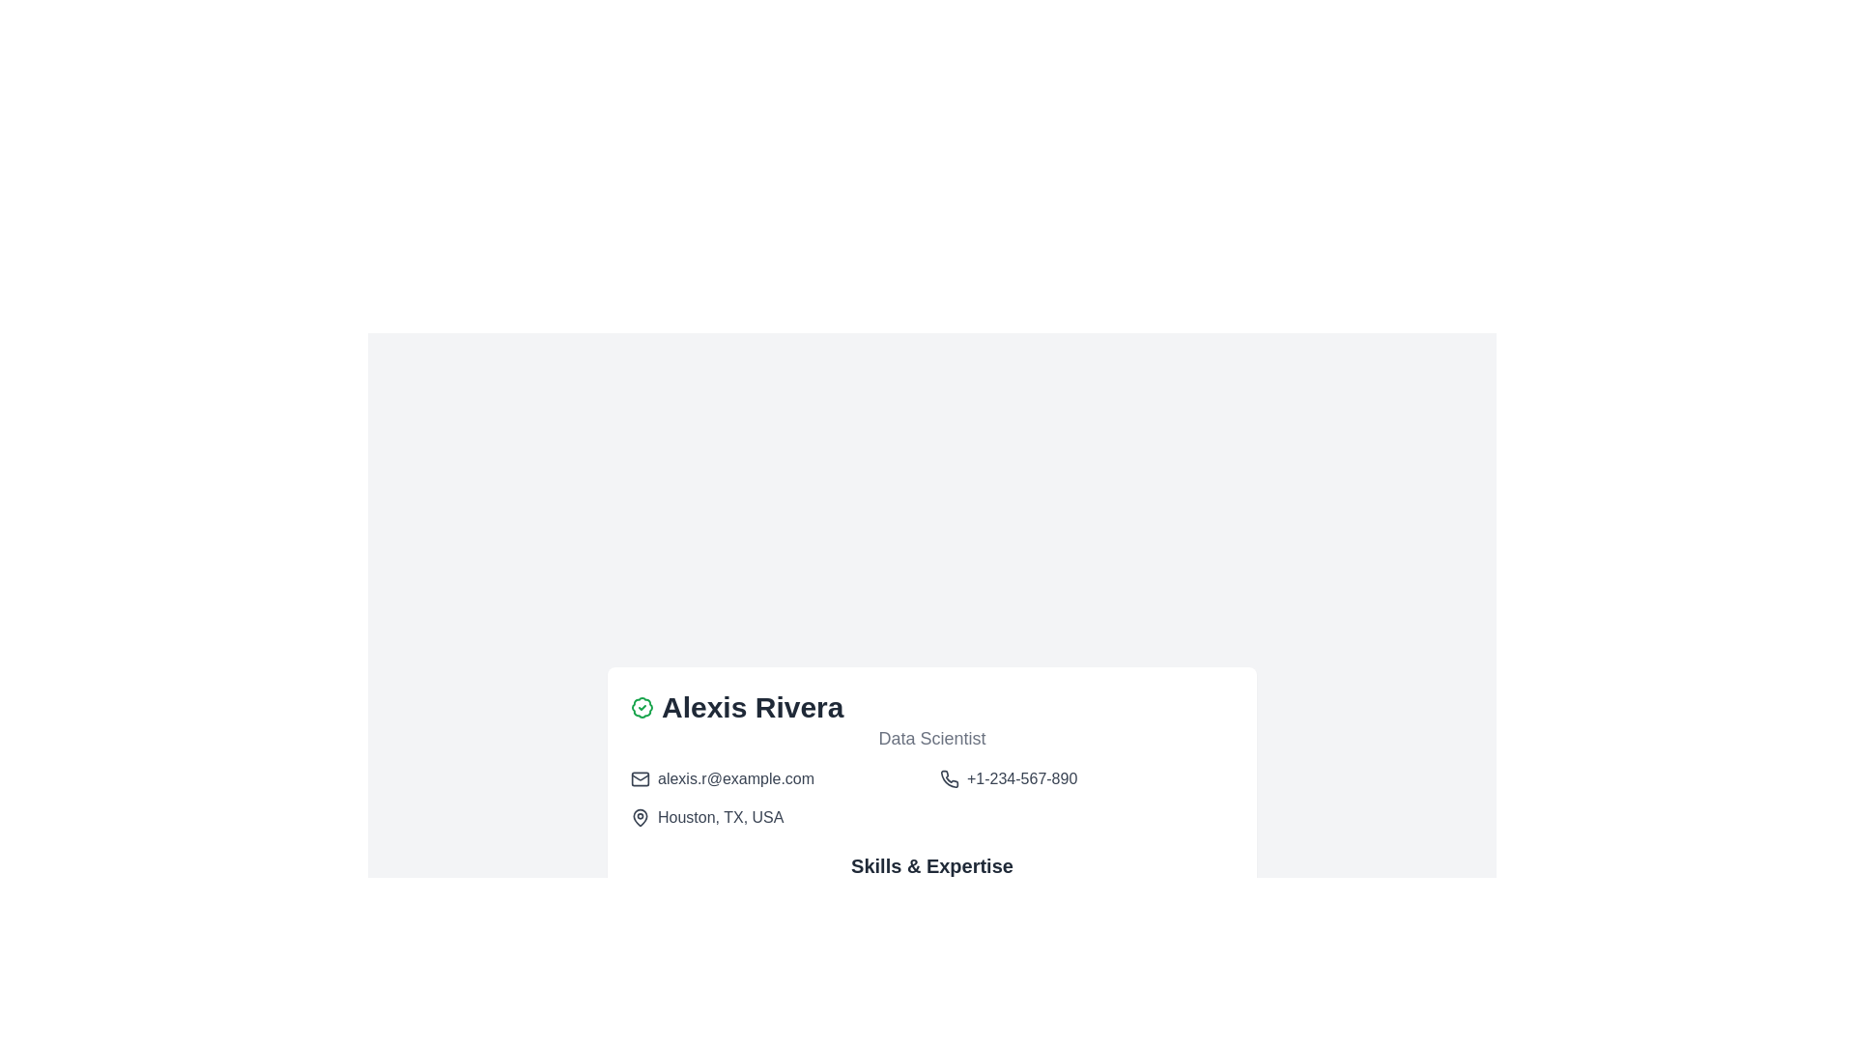 The image size is (1855, 1043). What do you see at coordinates (931, 738) in the screenshot?
I see `the 'Data Scientist' text label, which is styled in a subtle gray font and located directly below the bold 'Alexis Rivera' text` at bounding box center [931, 738].